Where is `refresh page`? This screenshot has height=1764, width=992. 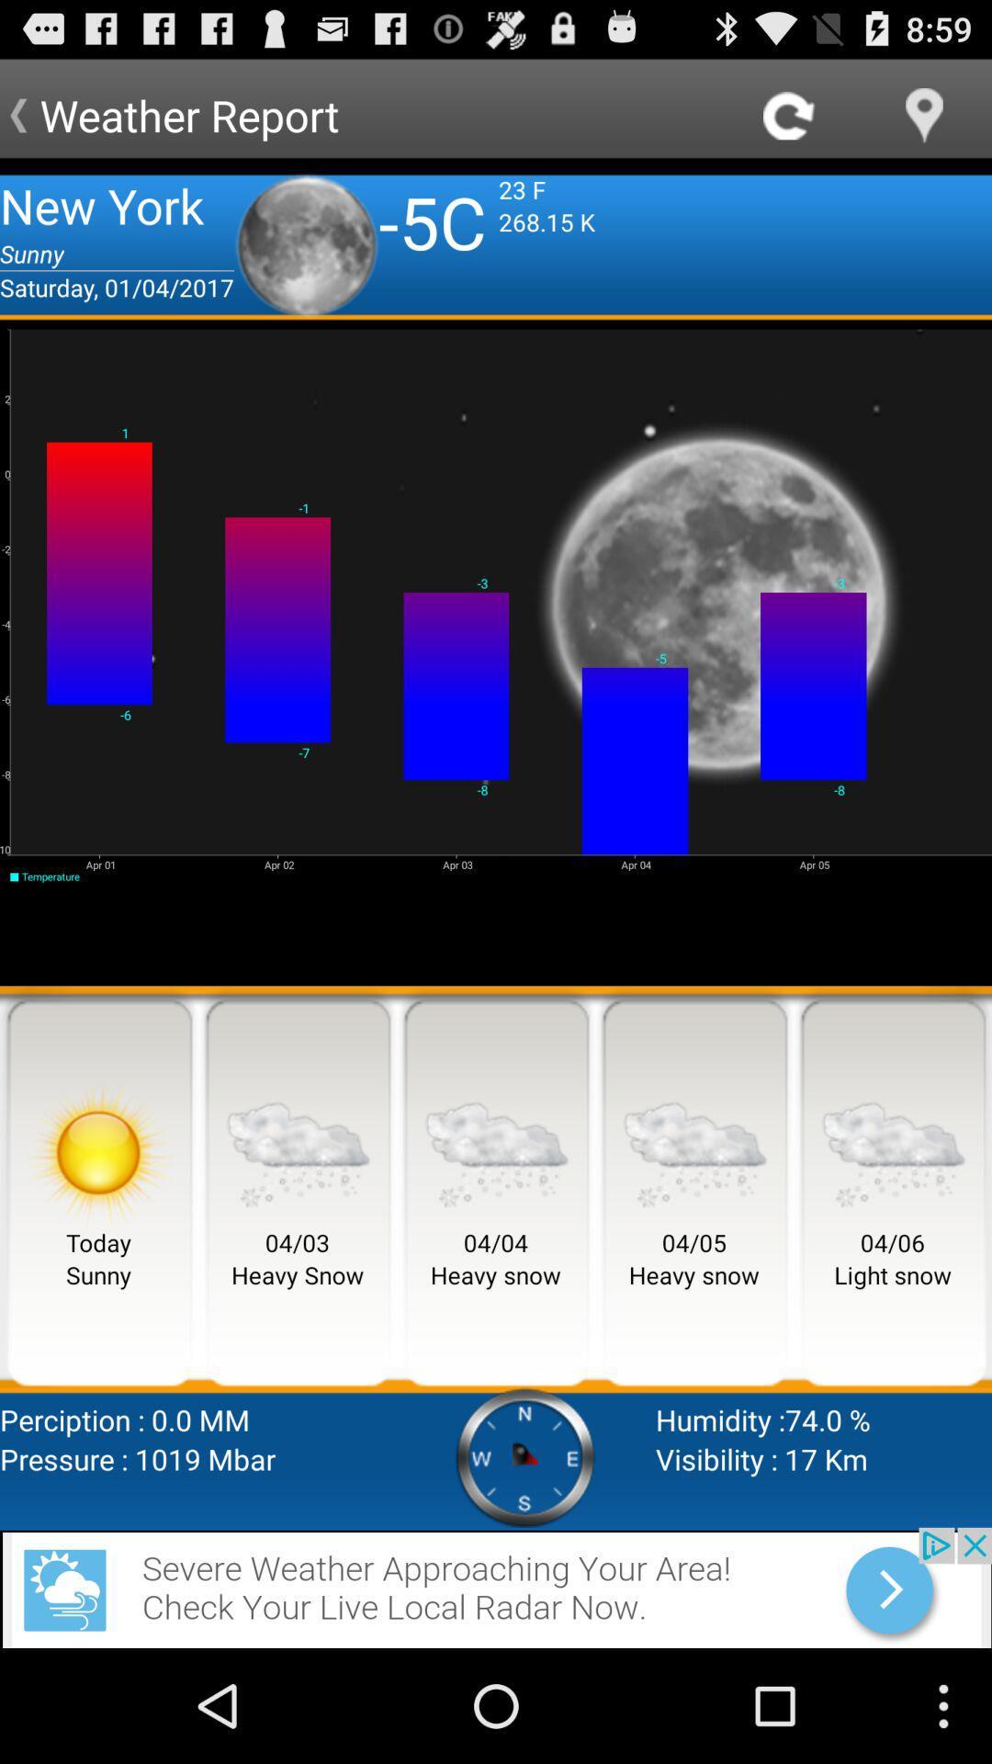 refresh page is located at coordinates (788, 114).